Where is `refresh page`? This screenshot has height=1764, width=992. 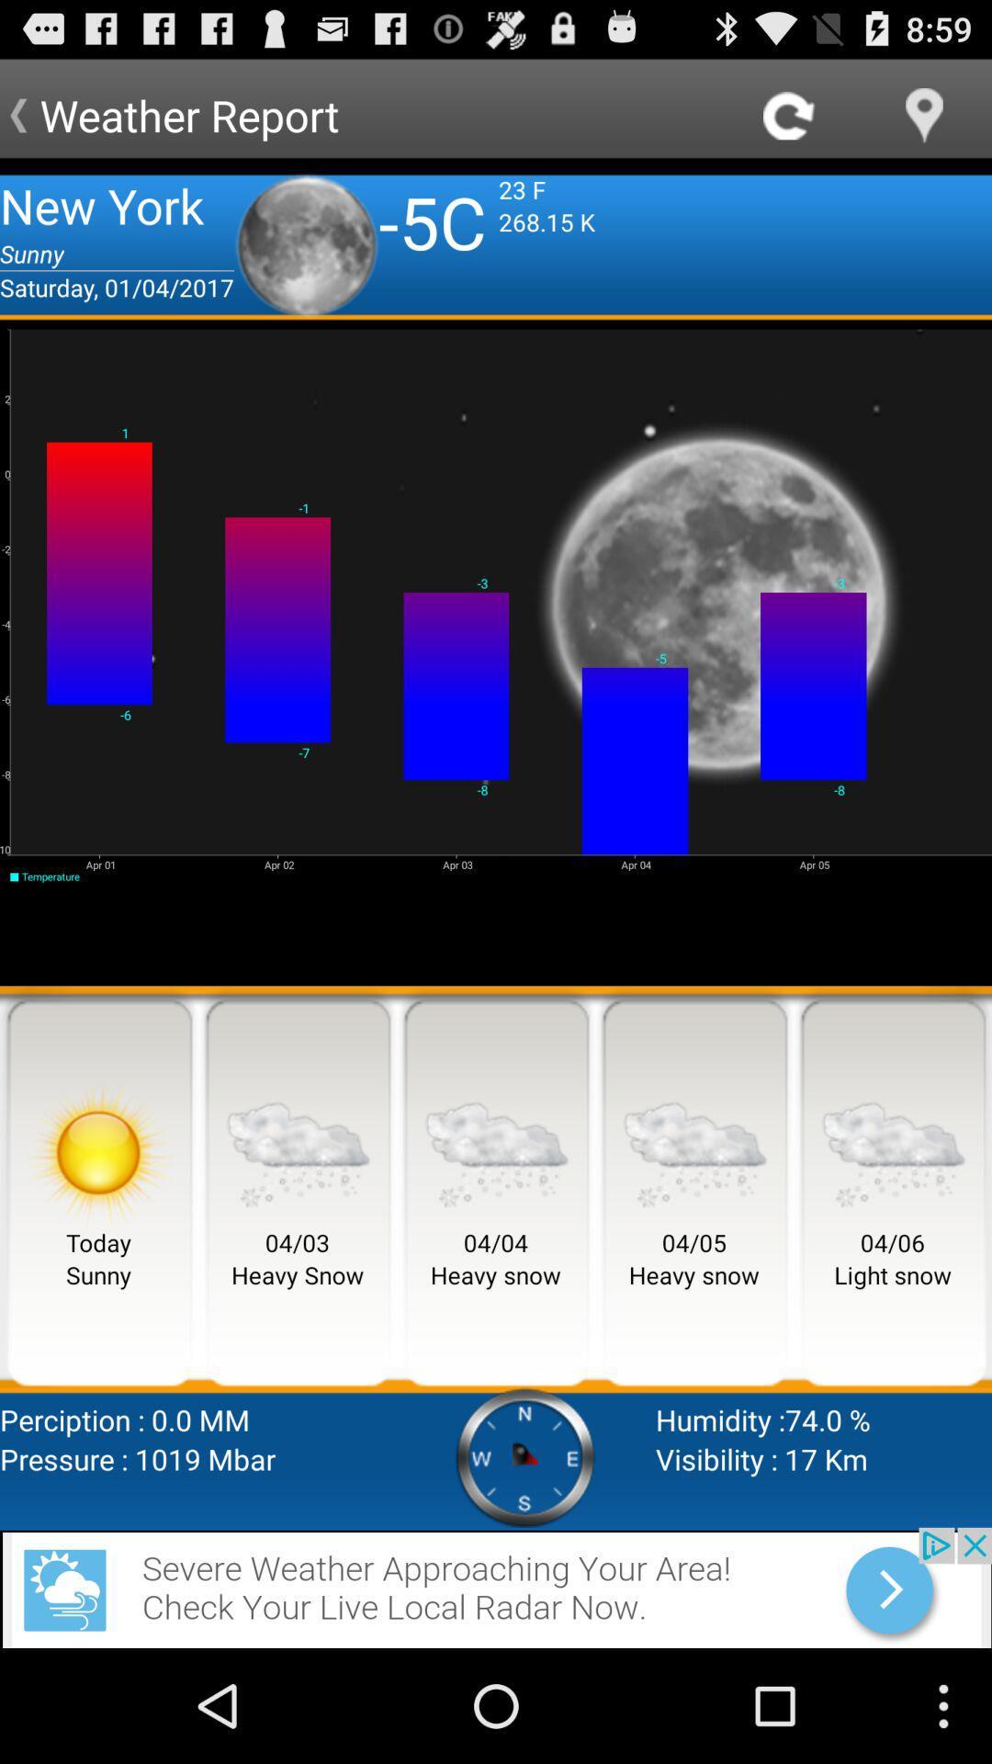 refresh page is located at coordinates (788, 114).